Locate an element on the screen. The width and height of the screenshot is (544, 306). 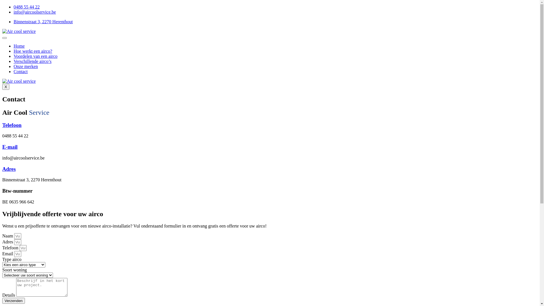
'Adres' is located at coordinates (9, 169).